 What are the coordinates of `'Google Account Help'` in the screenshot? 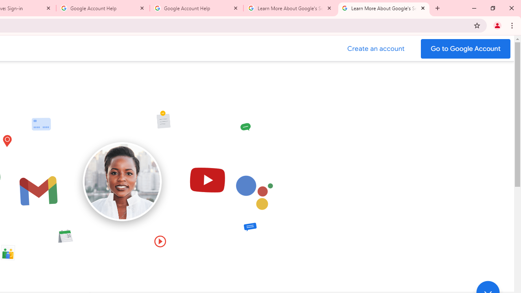 It's located at (103, 8).